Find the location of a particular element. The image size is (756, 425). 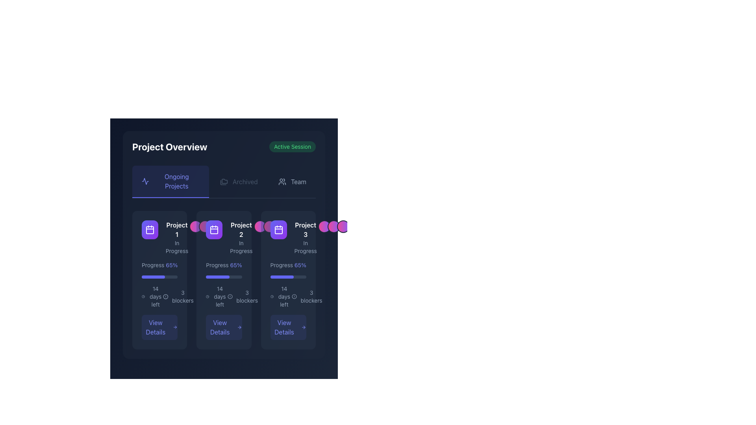

the status label indicating the current status of 'Project 2', which is located below the title and above project details is located at coordinates (241, 247).